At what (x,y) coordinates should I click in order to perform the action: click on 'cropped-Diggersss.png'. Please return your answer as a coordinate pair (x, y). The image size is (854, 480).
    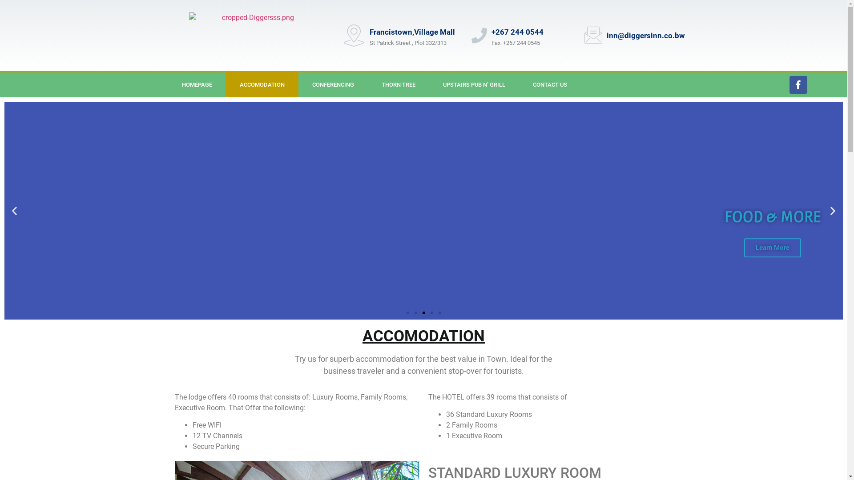
    Looking at the image, I should click on (254, 35).